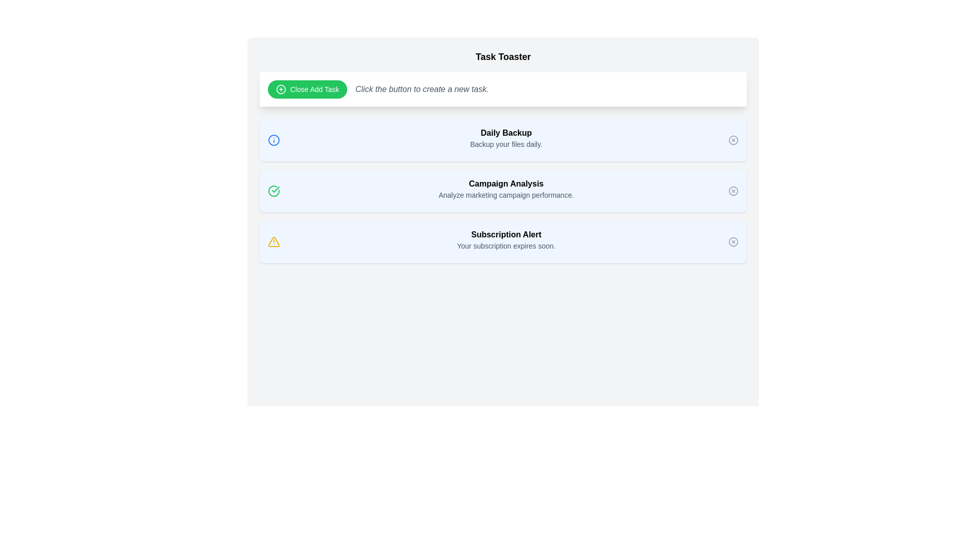 The height and width of the screenshot is (549, 976). Describe the element at coordinates (734, 191) in the screenshot. I see `the SVG circle element that serves as part of the 'close' icon` at that location.